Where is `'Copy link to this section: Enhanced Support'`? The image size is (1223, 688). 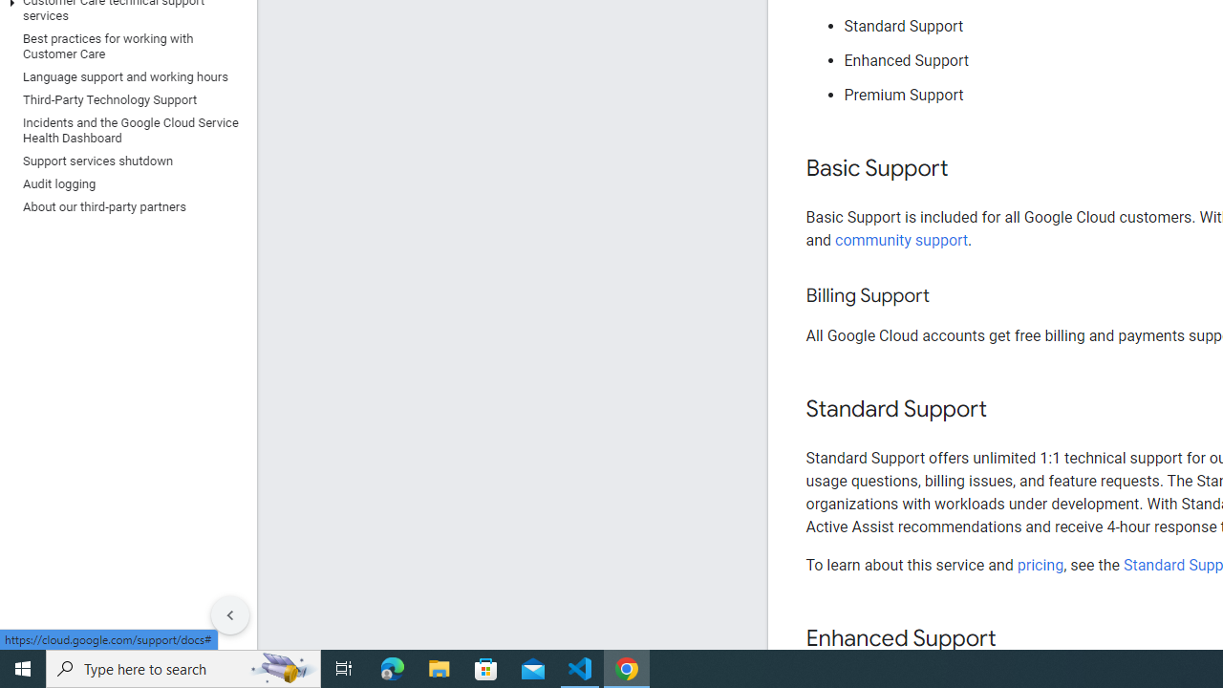
'Copy link to this section: Enhanced Support' is located at coordinates (1014, 639).